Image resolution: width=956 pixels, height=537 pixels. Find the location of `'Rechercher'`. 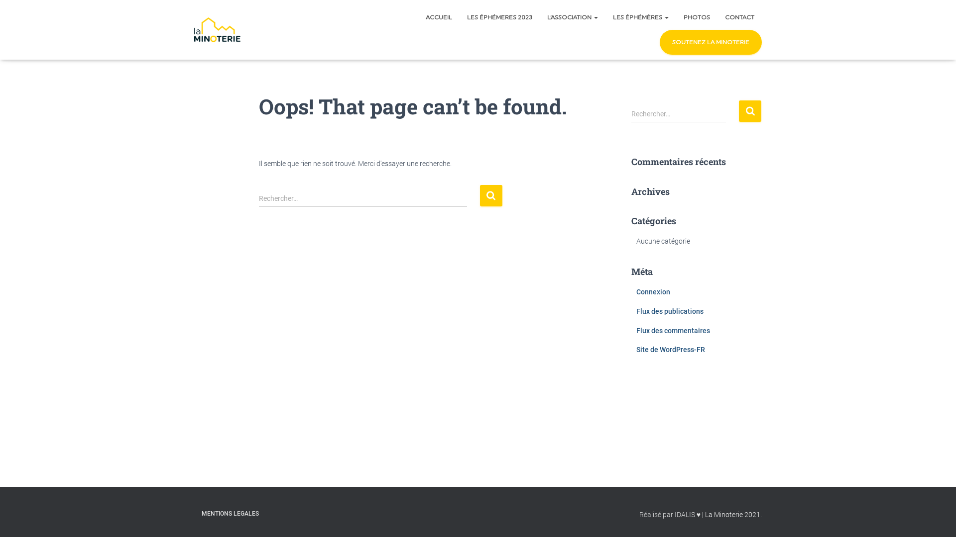

'Rechercher' is located at coordinates (491, 195).